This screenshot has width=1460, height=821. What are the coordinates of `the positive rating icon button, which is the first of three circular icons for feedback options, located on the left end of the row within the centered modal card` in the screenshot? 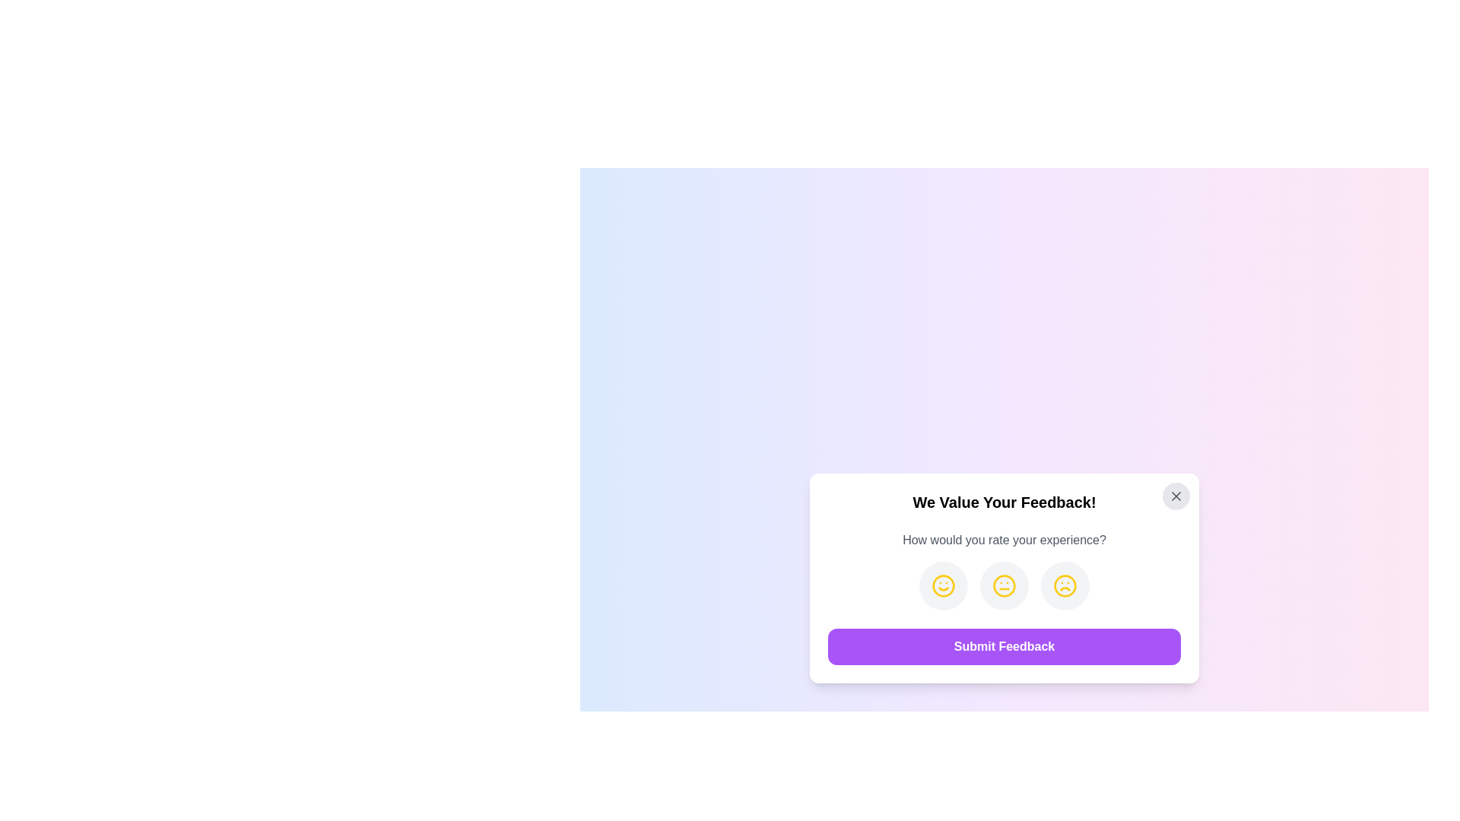 It's located at (943, 585).